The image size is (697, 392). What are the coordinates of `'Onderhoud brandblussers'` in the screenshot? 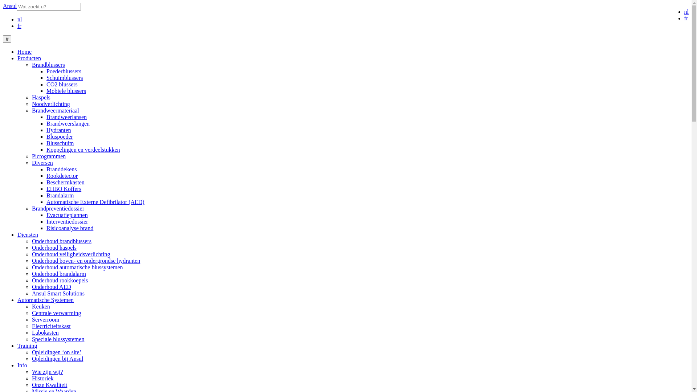 It's located at (61, 241).